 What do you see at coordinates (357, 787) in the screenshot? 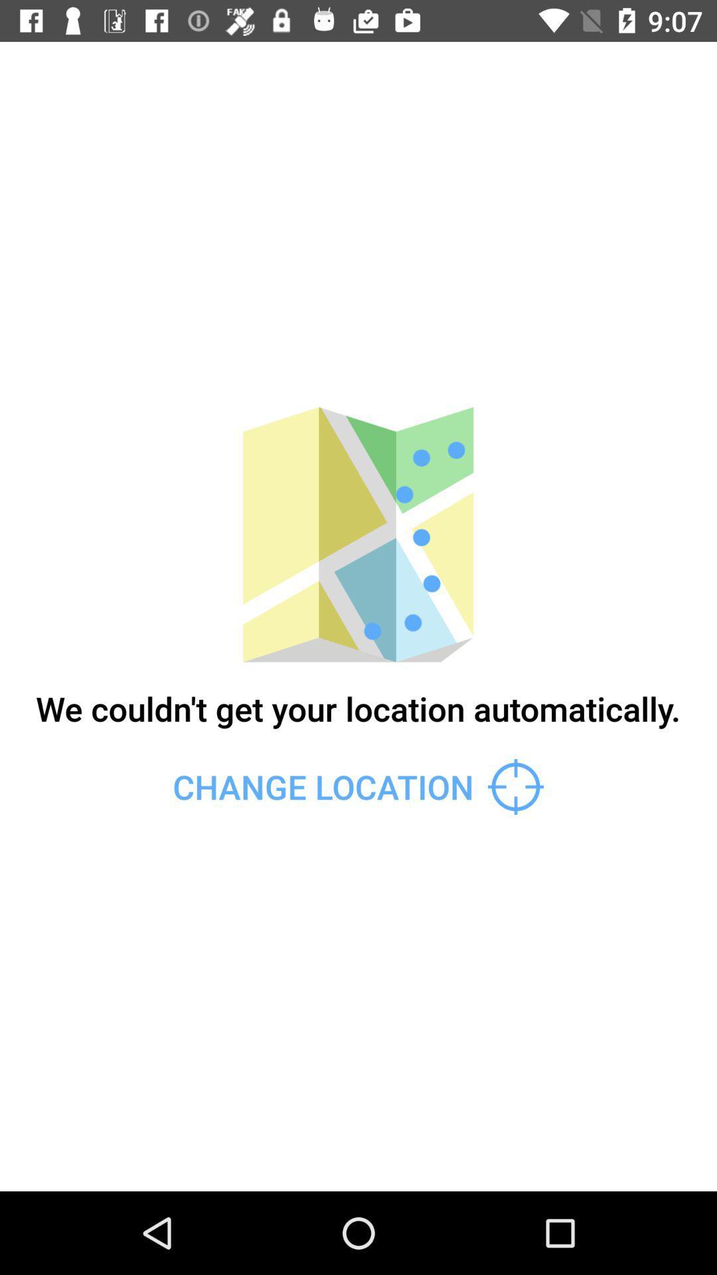
I see `change location` at bounding box center [357, 787].